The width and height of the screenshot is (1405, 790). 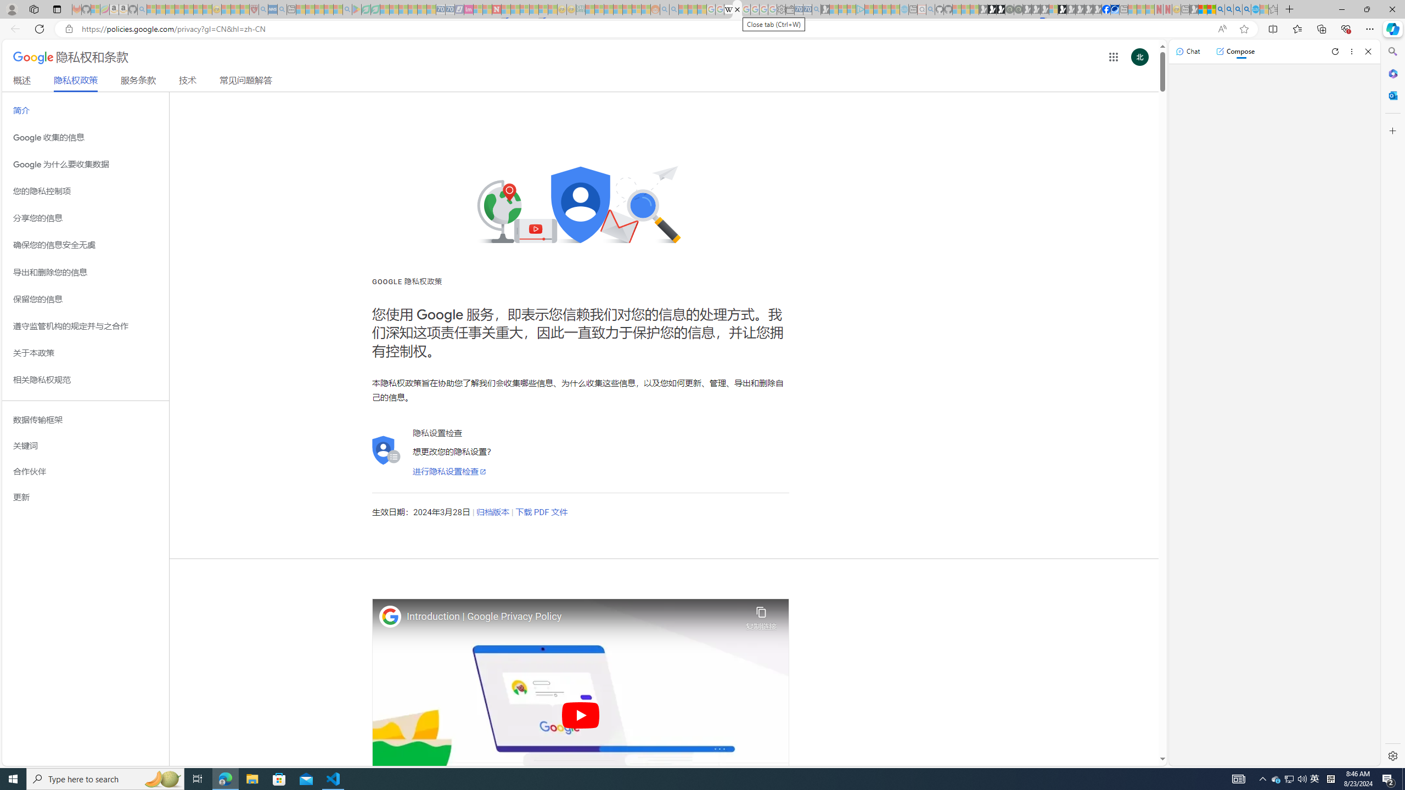 I want to click on 'Jobs - lastminute.com Investor Portal - Sleeping', so click(x=468, y=9).